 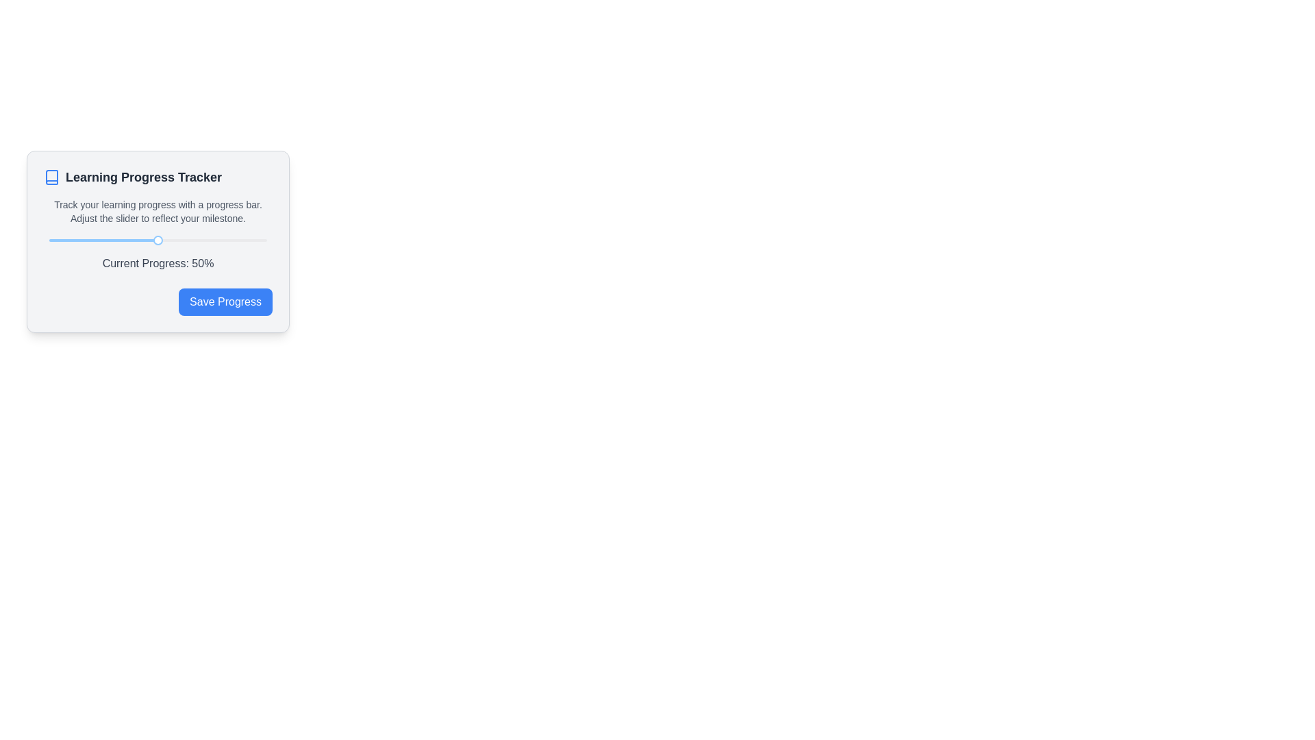 I want to click on the slider value, so click(x=201, y=240).